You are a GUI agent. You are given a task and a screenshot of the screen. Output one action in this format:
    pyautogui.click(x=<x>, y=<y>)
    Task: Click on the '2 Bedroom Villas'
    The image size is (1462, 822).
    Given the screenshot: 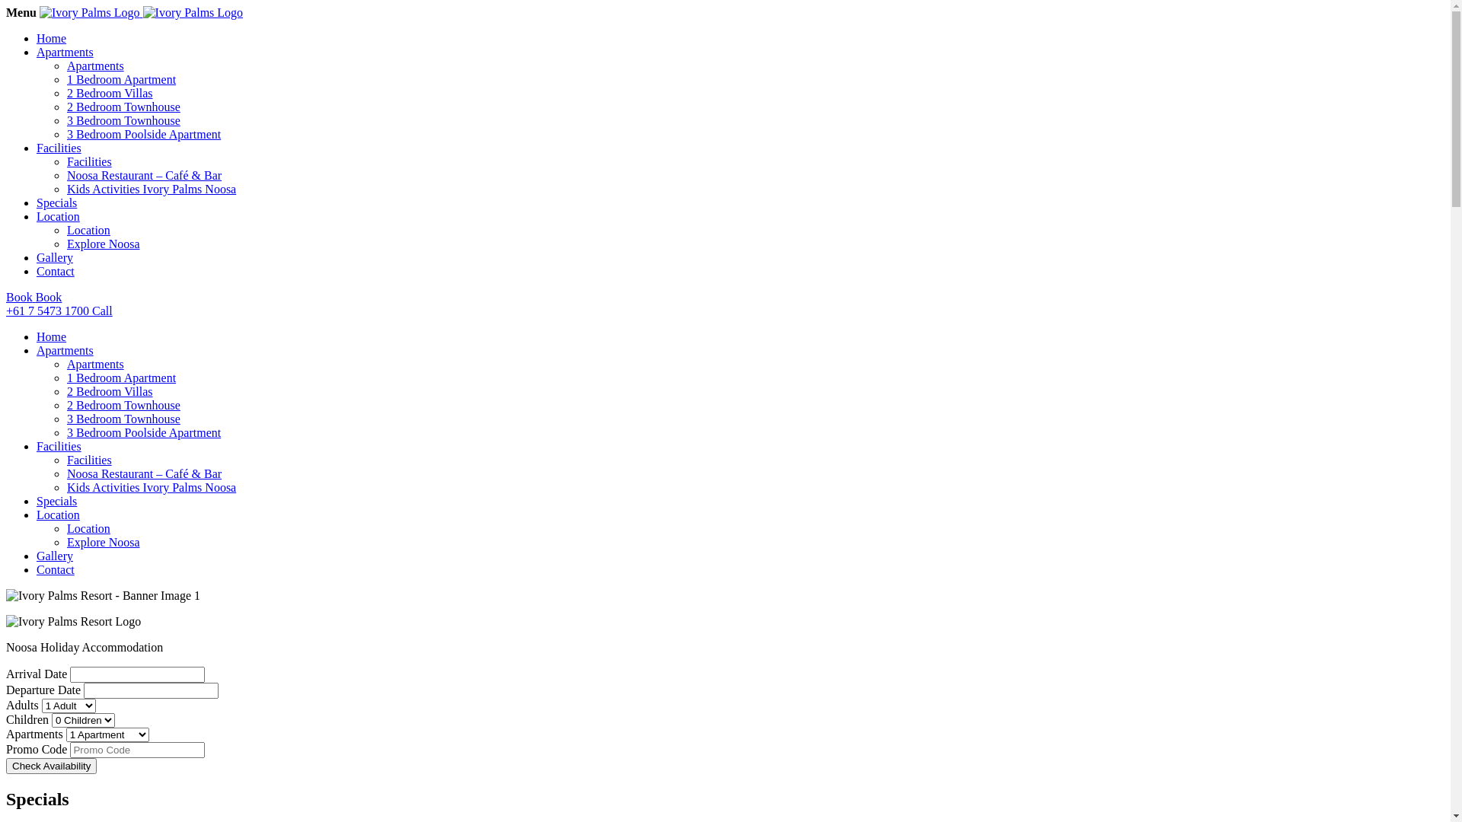 What is the action you would take?
    pyautogui.click(x=65, y=390)
    